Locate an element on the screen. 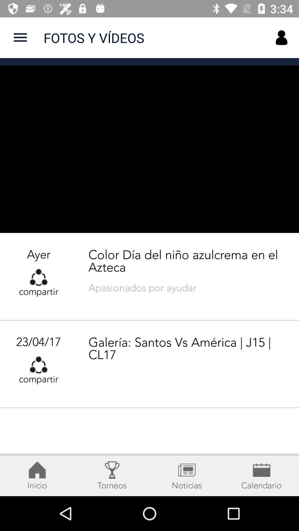  the notifications icon is located at coordinates (37, 475).